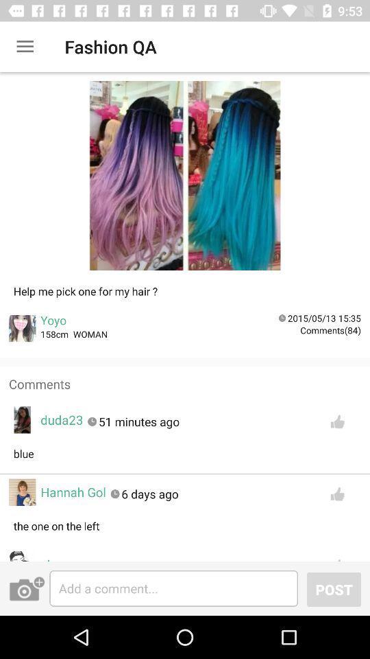 This screenshot has width=370, height=659. What do you see at coordinates (185, 179) in the screenshot?
I see `the first box` at bounding box center [185, 179].